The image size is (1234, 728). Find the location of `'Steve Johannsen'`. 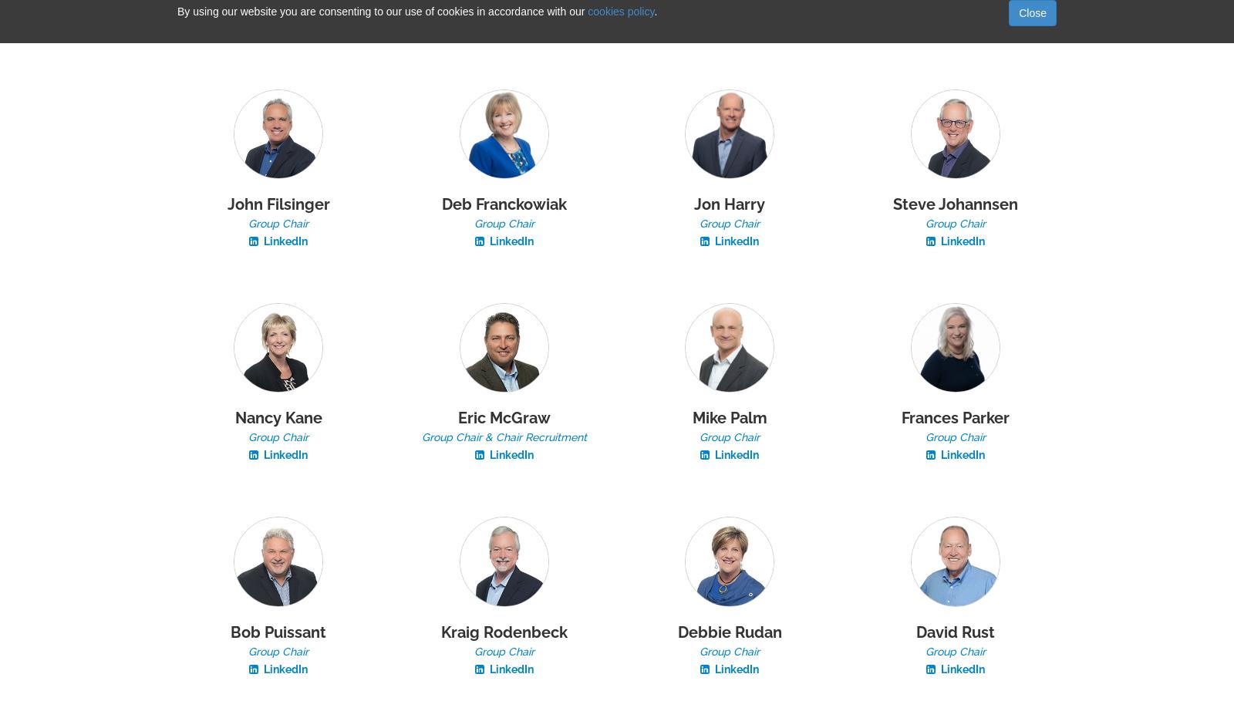

'Steve Johannsen' is located at coordinates (953, 204).